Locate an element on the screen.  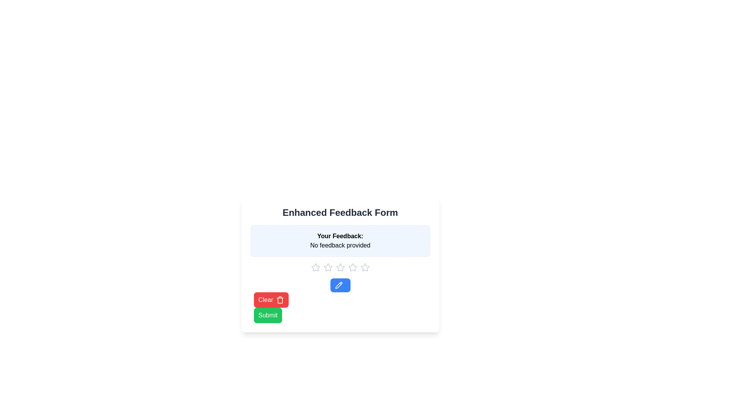
the third star icon used for rating feedback, positioned below the 'Your Feedback: No feedback provided' text area is located at coordinates (340, 267).